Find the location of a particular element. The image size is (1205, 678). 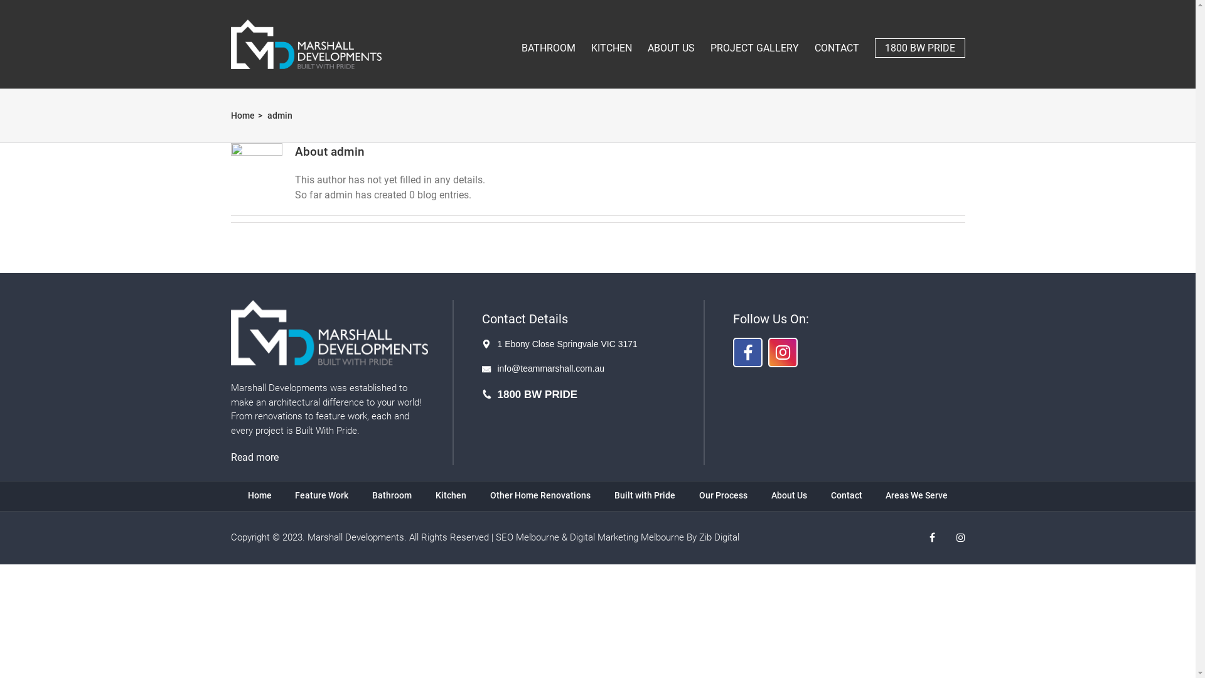

'Bathroom' is located at coordinates (391, 495).